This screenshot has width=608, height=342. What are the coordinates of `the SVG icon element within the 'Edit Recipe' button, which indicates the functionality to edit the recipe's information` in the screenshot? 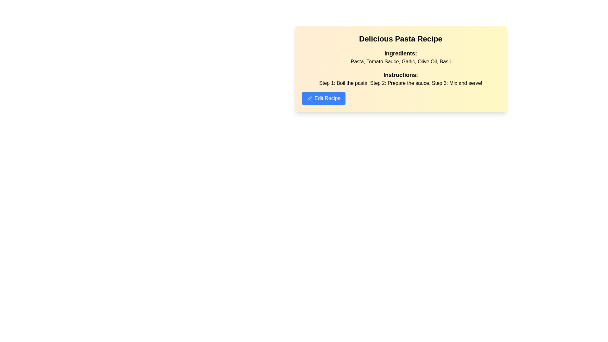 It's located at (309, 98).